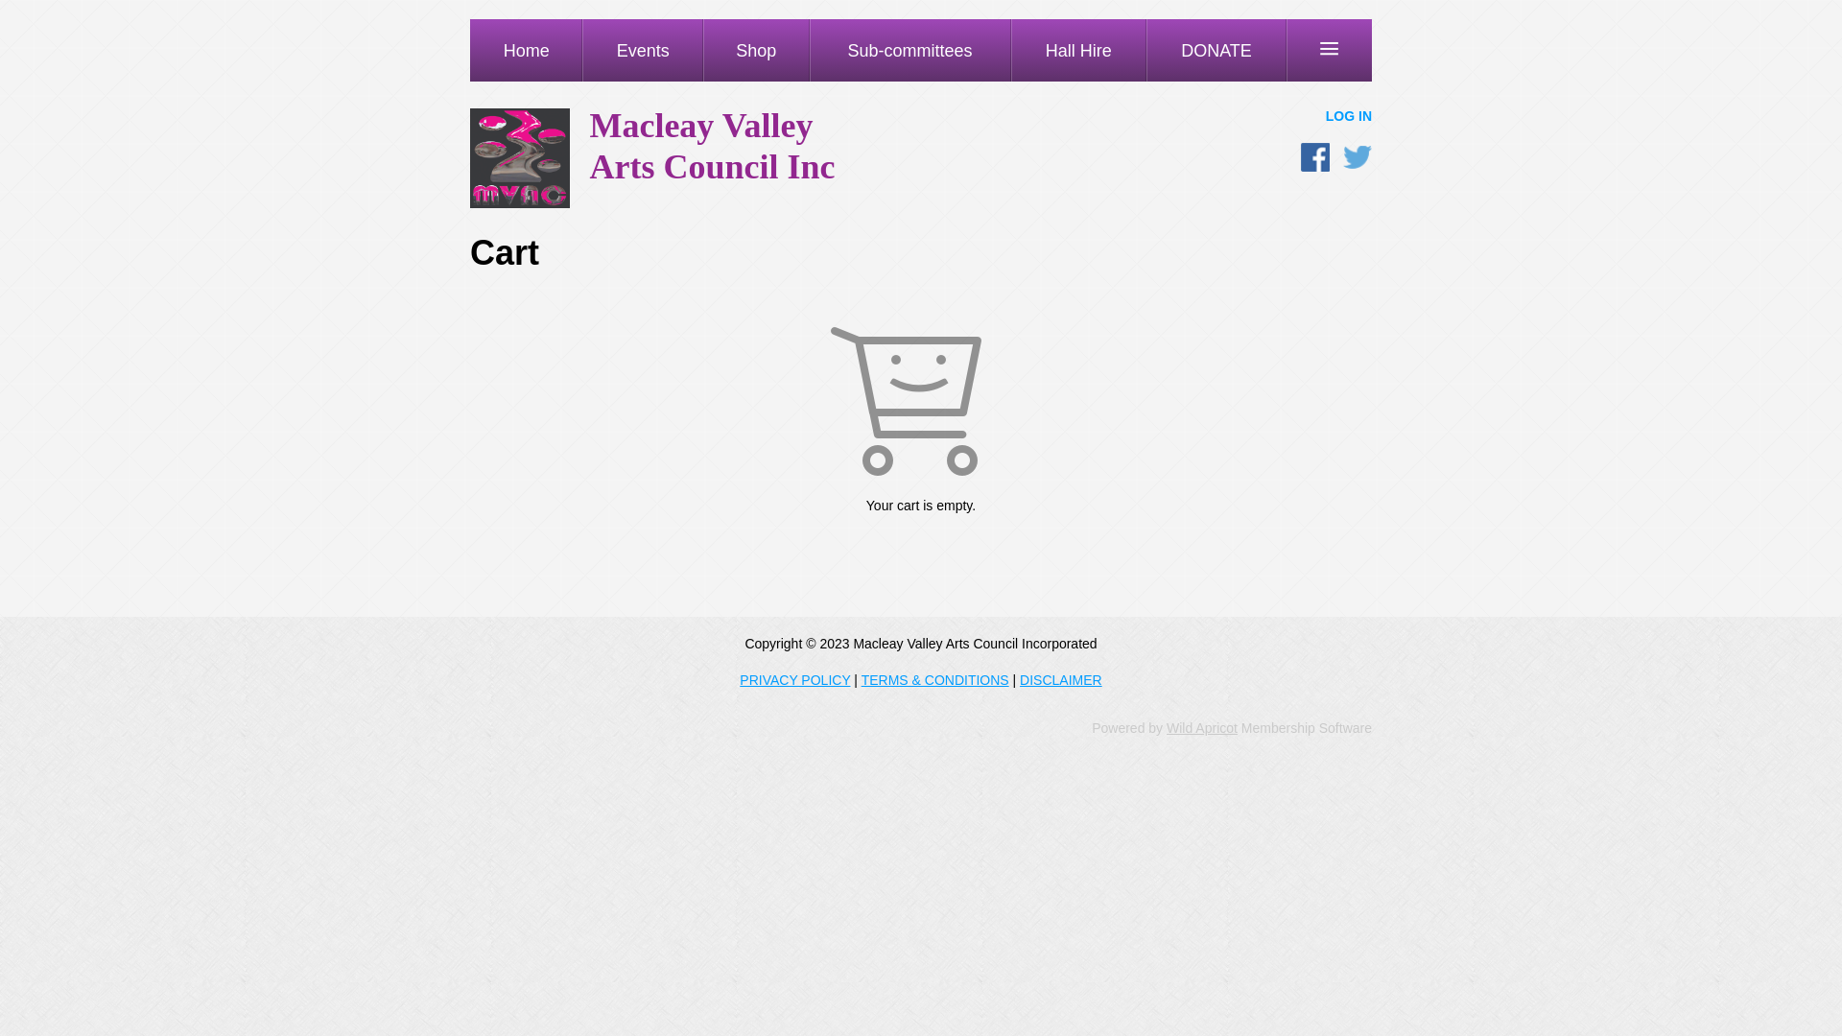 This screenshot has height=1036, width=1842. I want to click on 'Sub-committees', so click(810, 49).